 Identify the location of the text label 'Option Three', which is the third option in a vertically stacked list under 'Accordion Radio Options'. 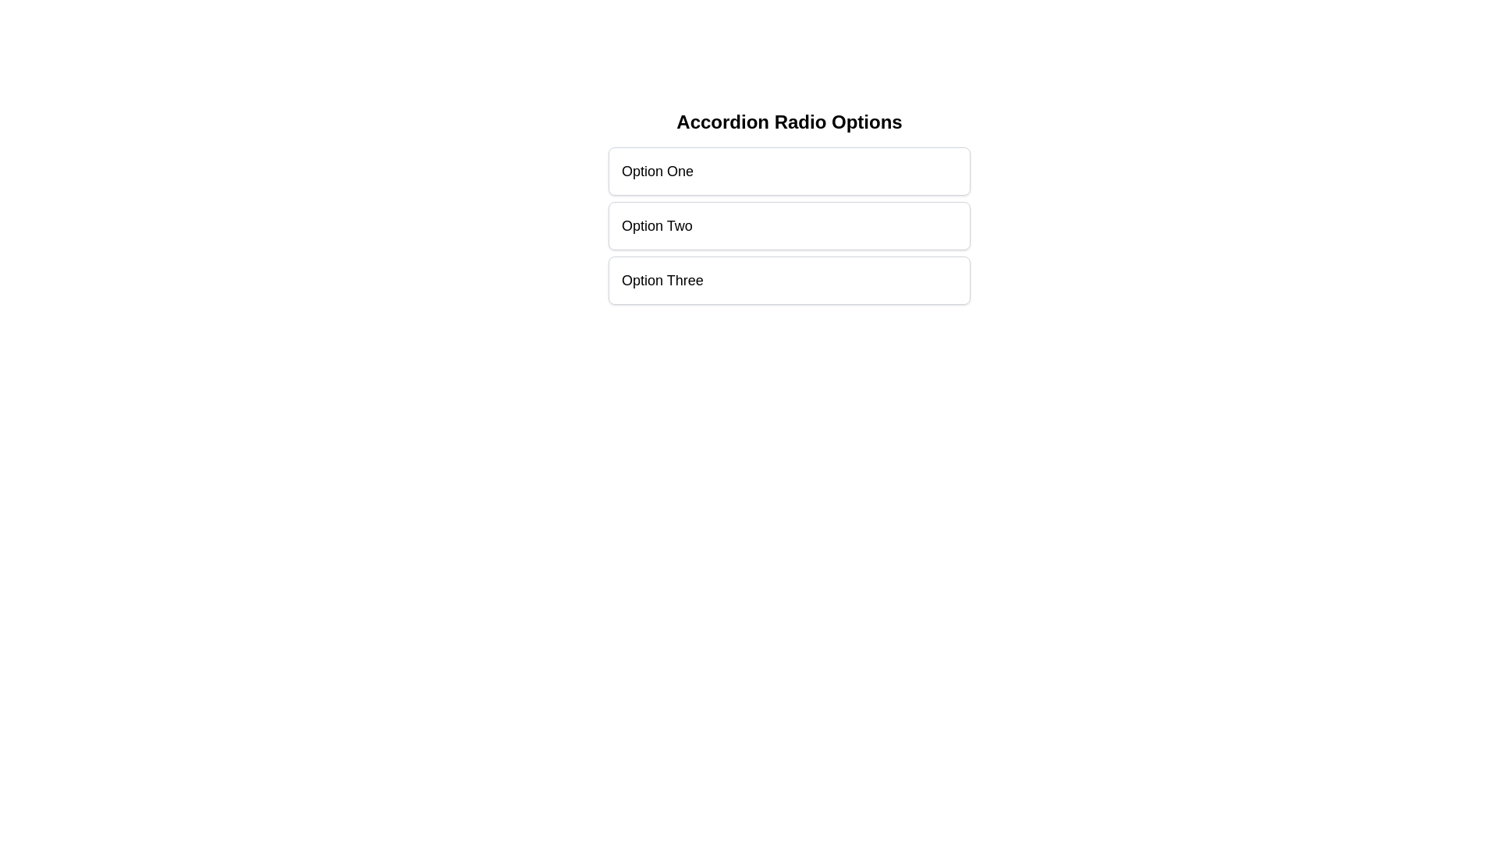
(662, 279).